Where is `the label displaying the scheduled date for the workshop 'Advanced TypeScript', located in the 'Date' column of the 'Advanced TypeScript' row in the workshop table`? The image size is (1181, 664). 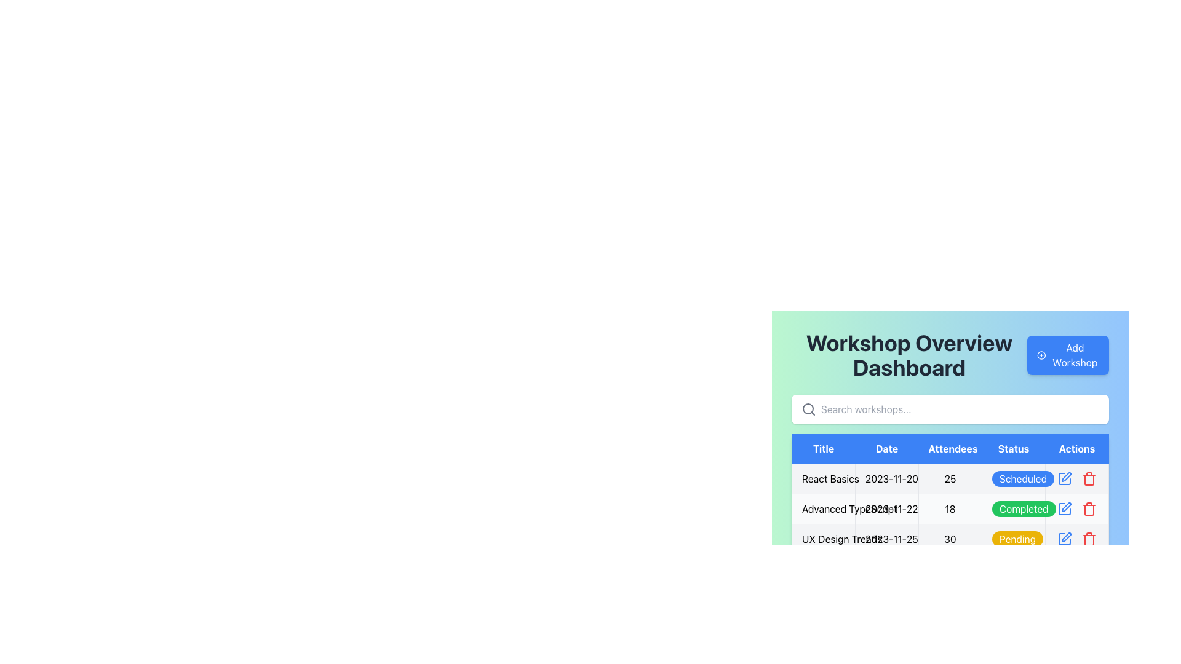 the label displaying the scheduled date for the workshop 'Advanced TypeScript', located in the 'Date' column of the 'Advanced TypeScript' row in the workshop table is located at coordinates (886, 509).